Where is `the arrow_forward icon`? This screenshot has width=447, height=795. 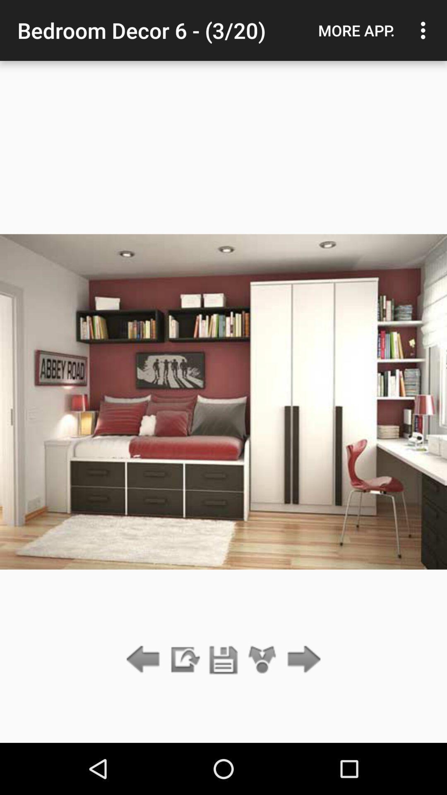 the arrow_forward icon is located at coordinates (302, 660).